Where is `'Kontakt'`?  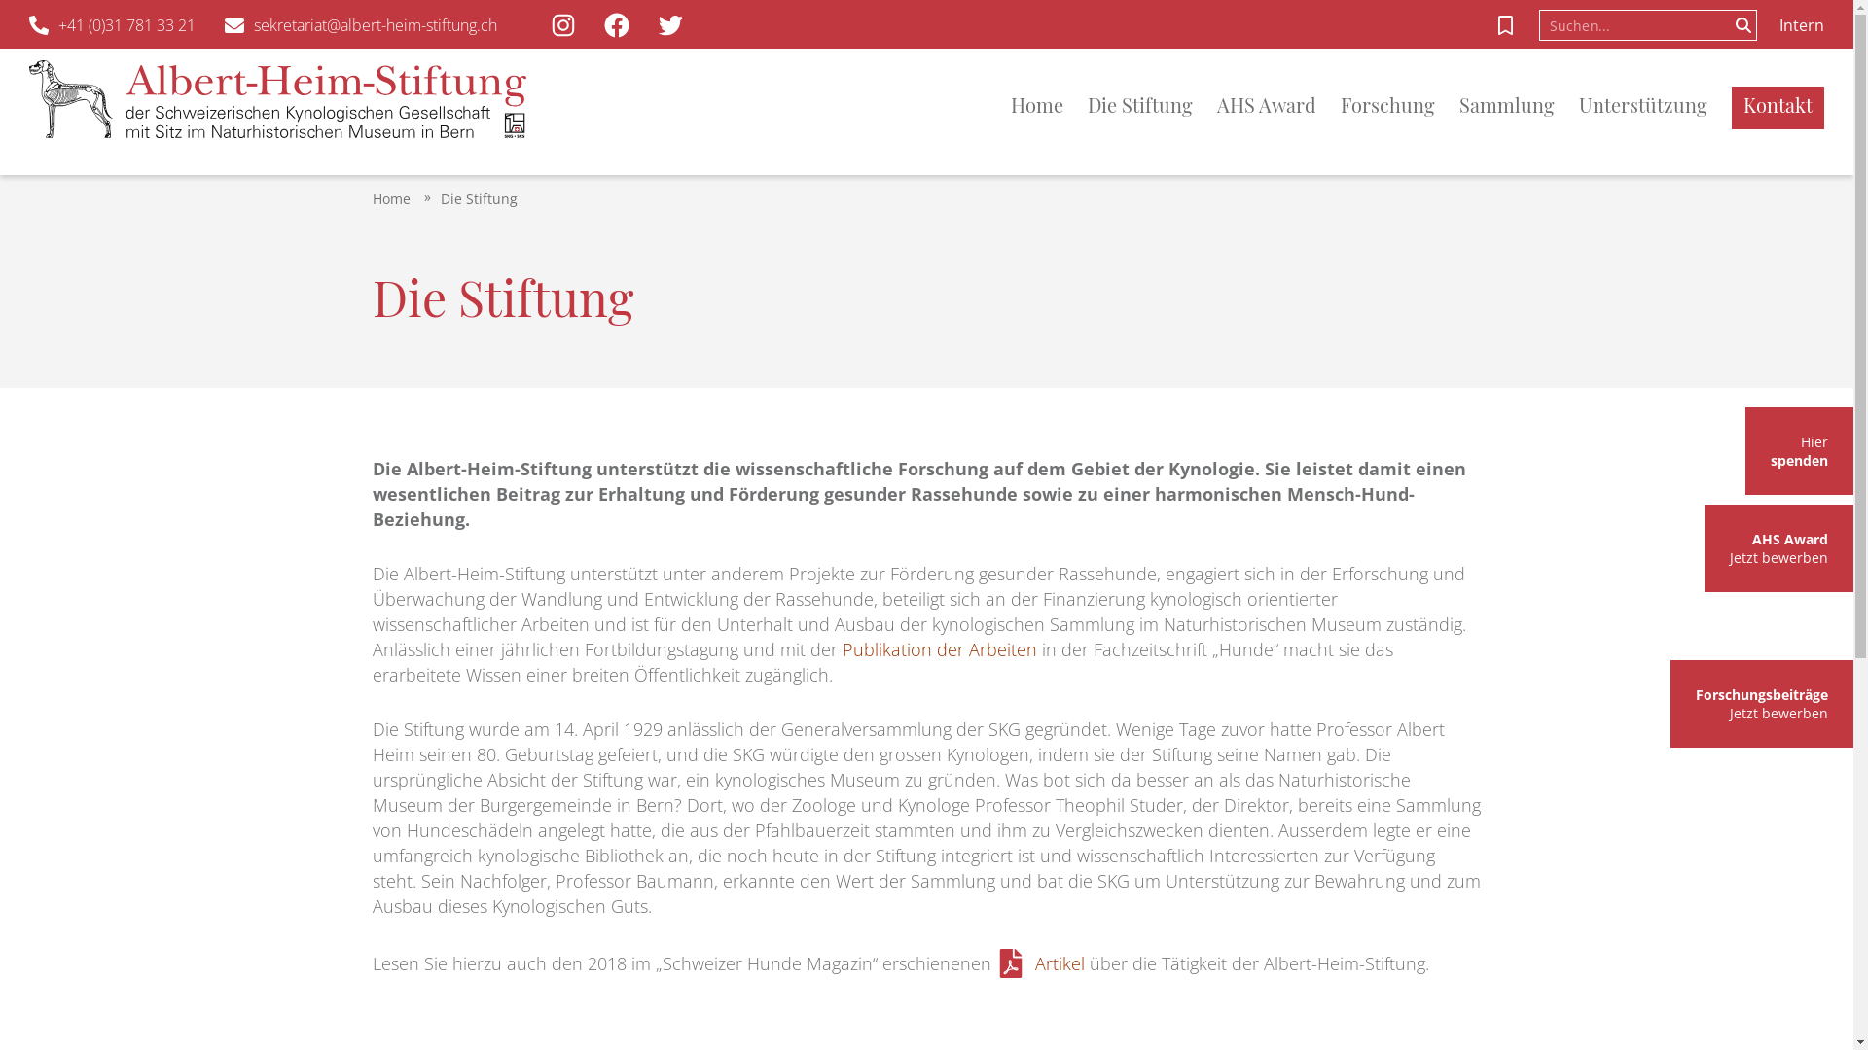 'Kontakt' is located at coordinates (1778, 107).